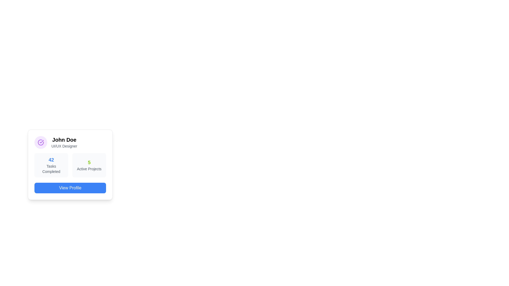  I want to click on the Information Display Panel that shows a large green number '5' and the text 'Active Projects' inside a light gray rectangular area with rounded corners, so click(89, 165).